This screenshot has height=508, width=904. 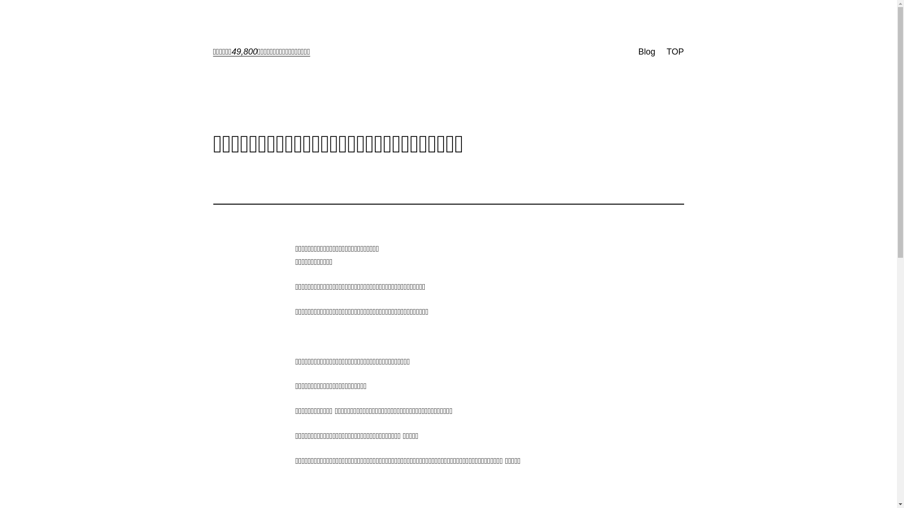 What do you see at coordinates (675, 52) in the screenshot?
I see `'TOP'` at bounding box center [675, 52].